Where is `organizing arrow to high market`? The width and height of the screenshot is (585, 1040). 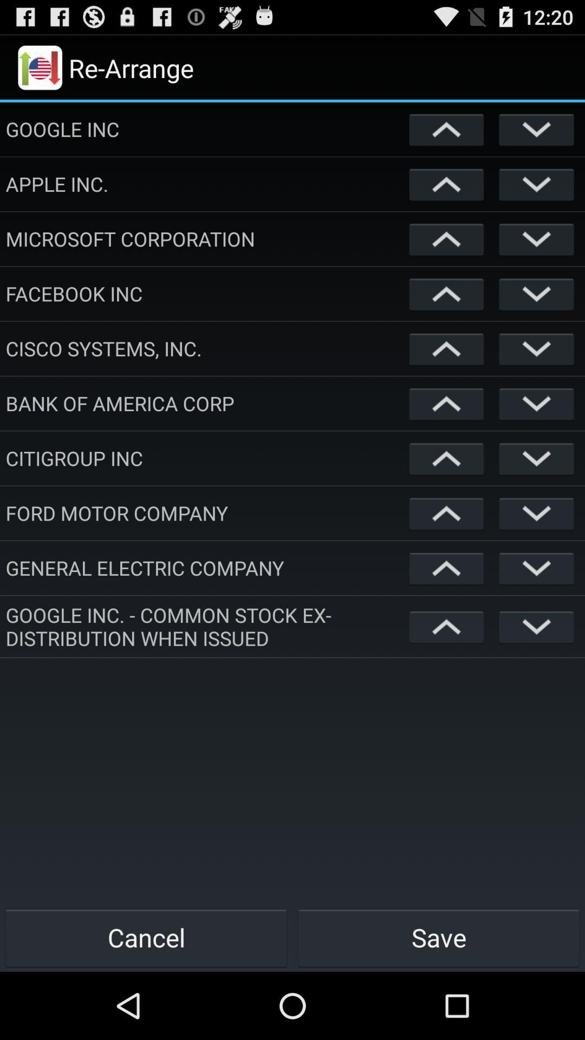 organizing arrow to high market is located at coordinates (446, 626).